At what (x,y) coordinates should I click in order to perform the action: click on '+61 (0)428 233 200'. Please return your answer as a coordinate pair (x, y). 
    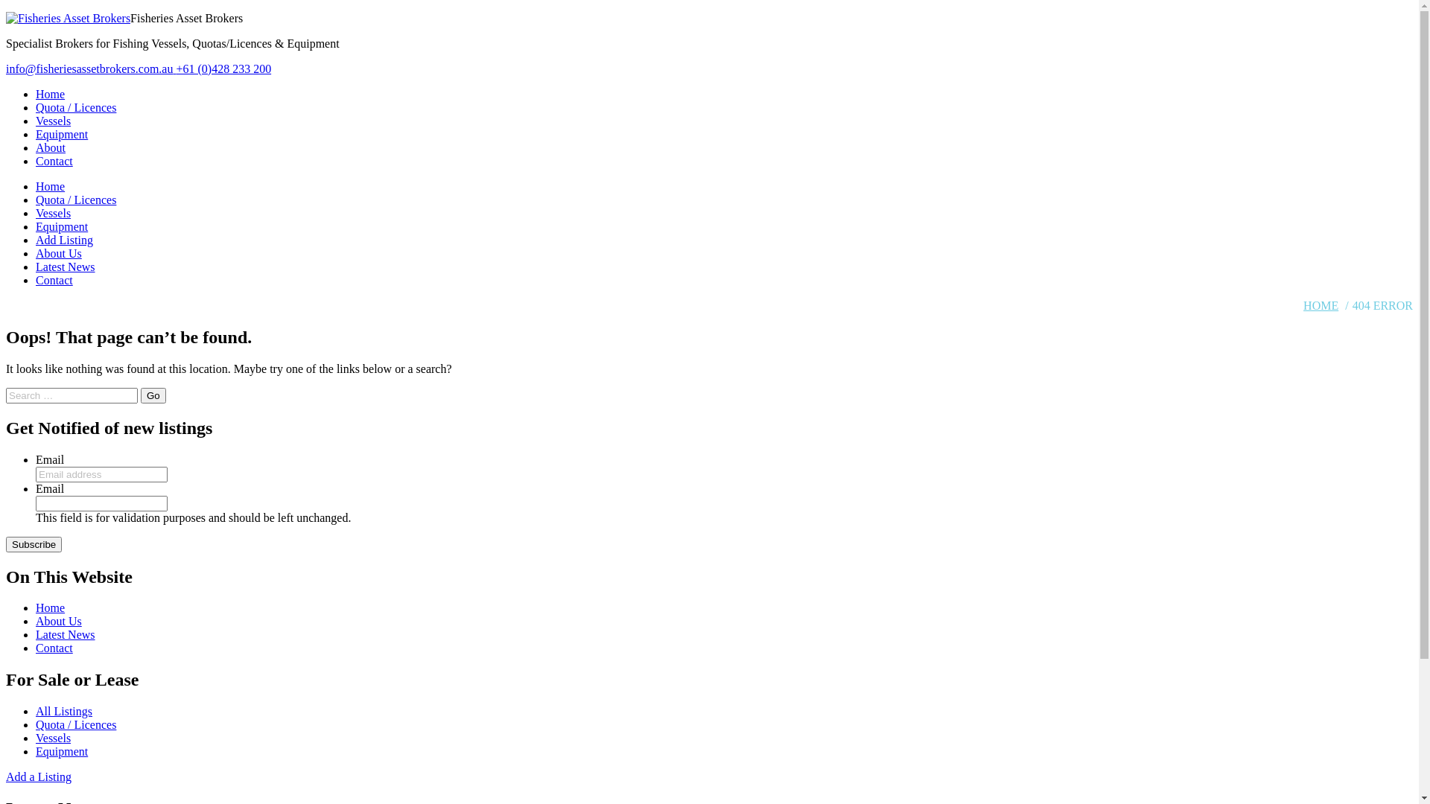
    Looking at the image, I should click on (220, 68).